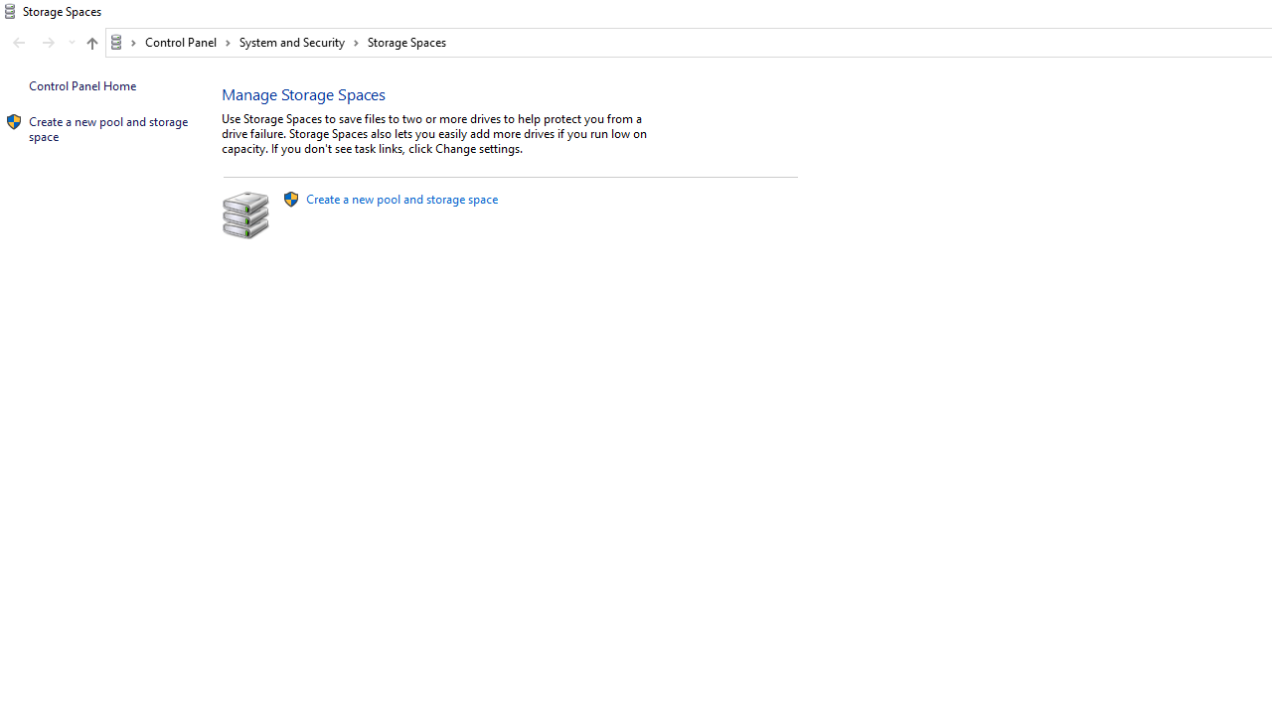  I want to click on 'All locations', so click(122, 42).